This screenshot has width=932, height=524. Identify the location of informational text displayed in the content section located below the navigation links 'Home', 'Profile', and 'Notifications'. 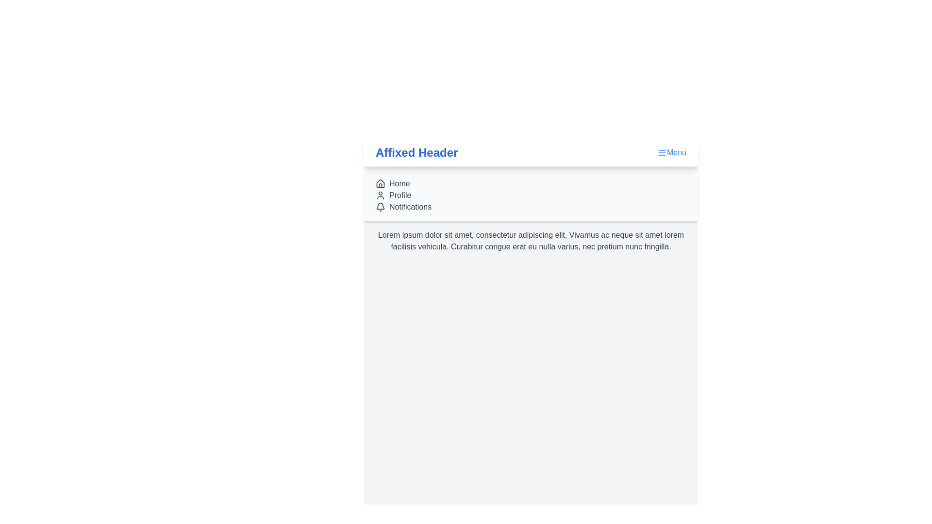
(531, 241).